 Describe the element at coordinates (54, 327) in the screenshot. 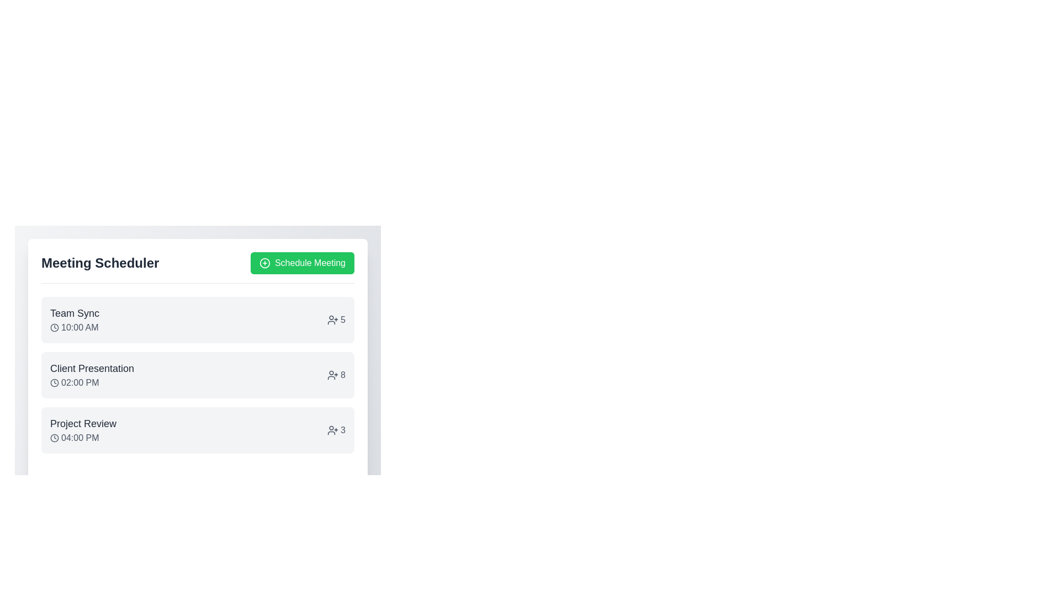

I see `the clock icon located to the immediate left of the text '10:00 AM' under the 'Team Sync' entry` at that location.